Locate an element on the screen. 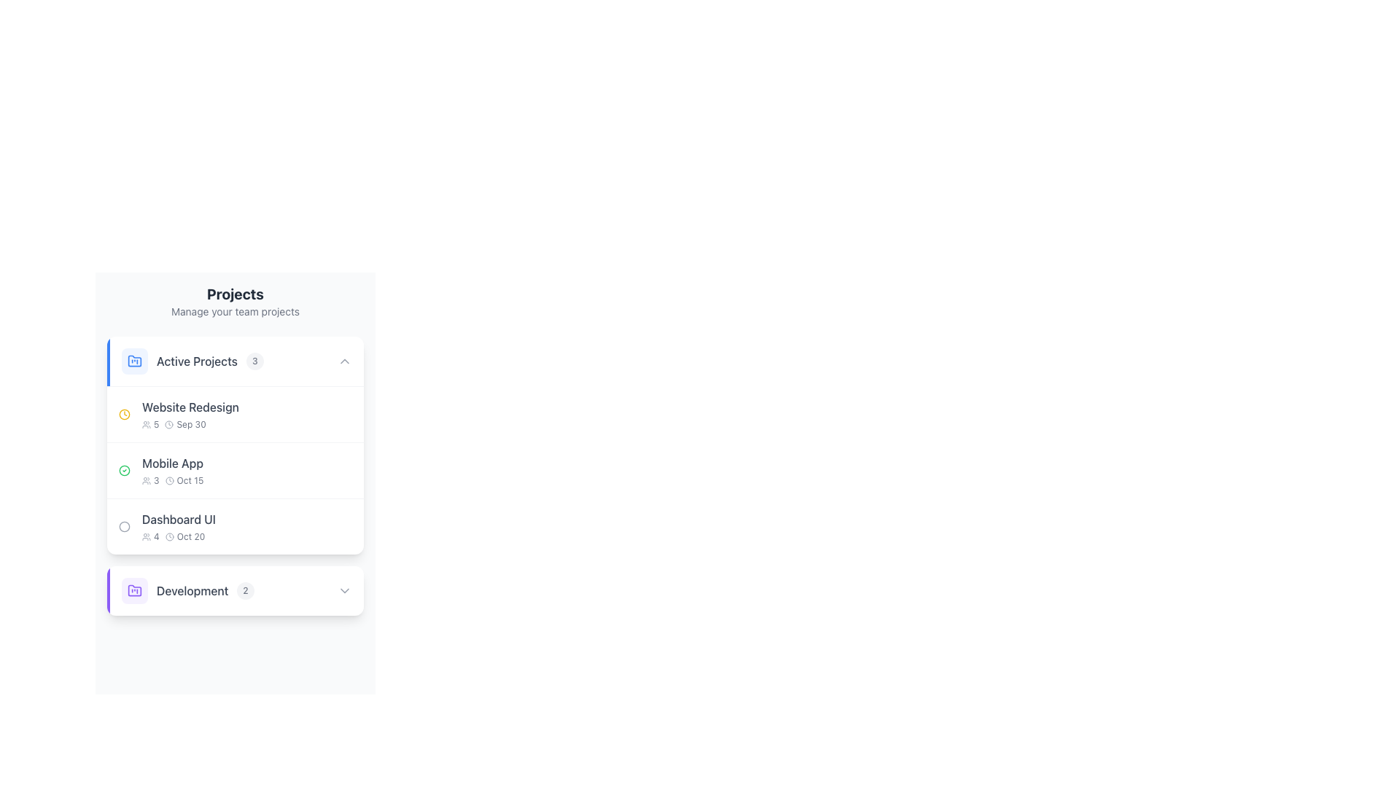 This screenshot has height=787, width=1400. the third button in the group of interactive buttons that triggers actions related to the 'Mobile App' entry, positioned at the rightmost side of that entry under 'Active Projects' is located at coordinates (341, 470).